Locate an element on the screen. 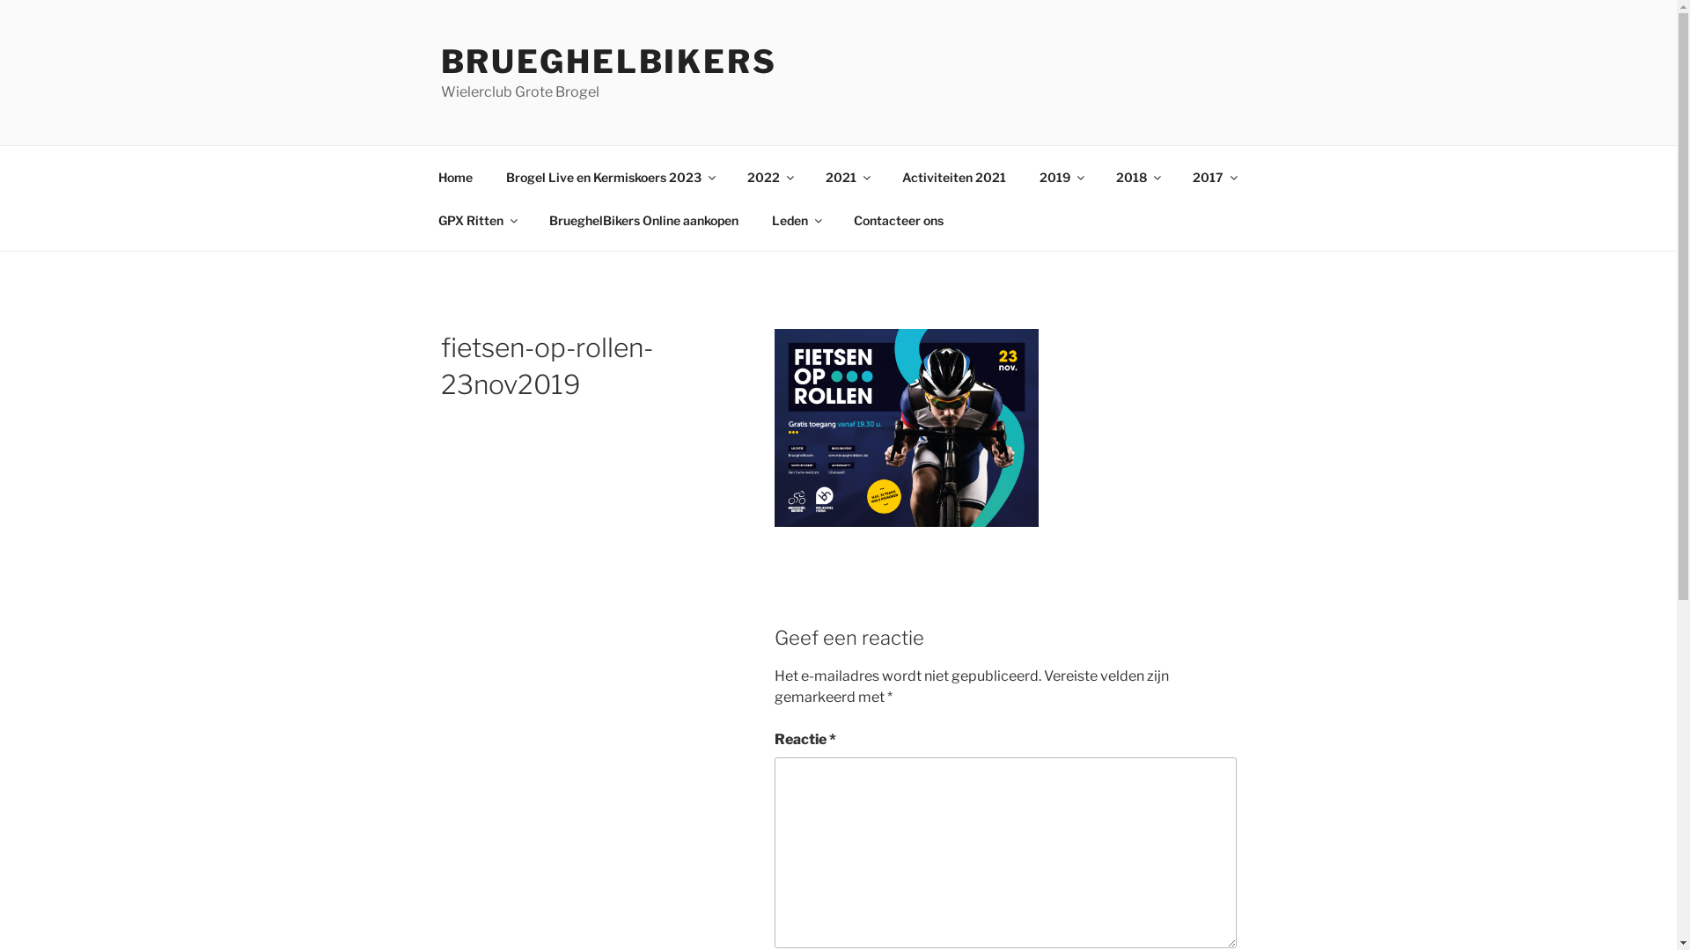 This screenshot has height=950, width=1690. 'BrueghelBikers Online aankopen' is located at coordinates (642, 219).